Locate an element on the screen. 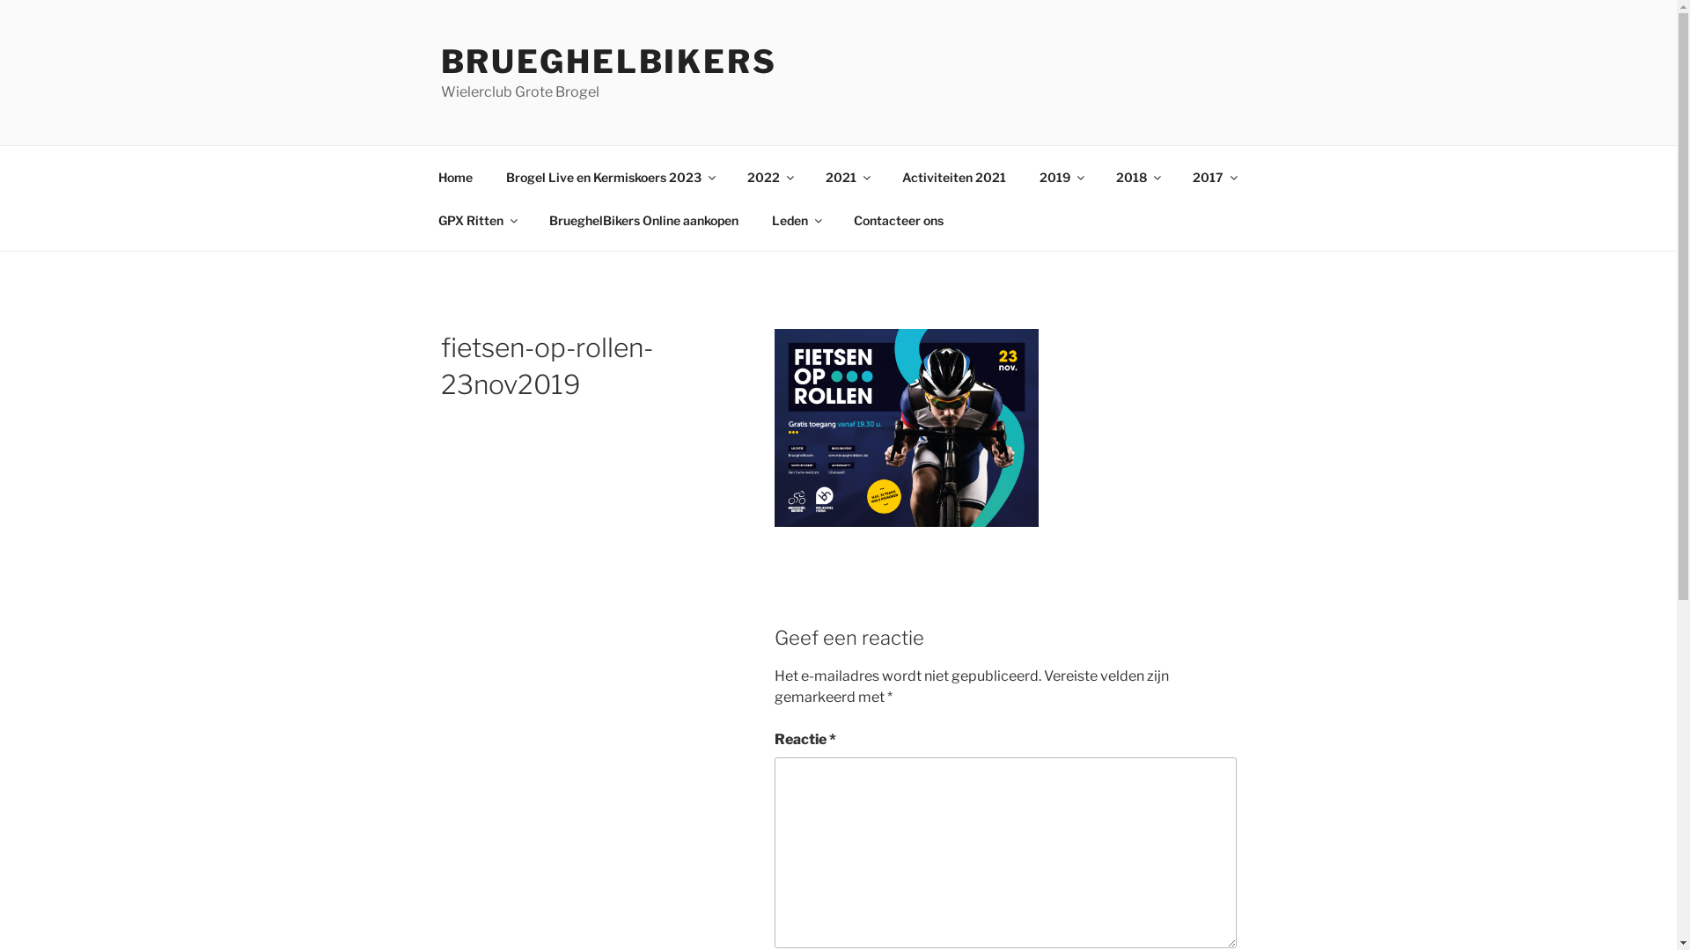 This screenshot has height=950, width=1690. 'BrueghelBikers Online aankopen' is located at coordinates (642, 219).